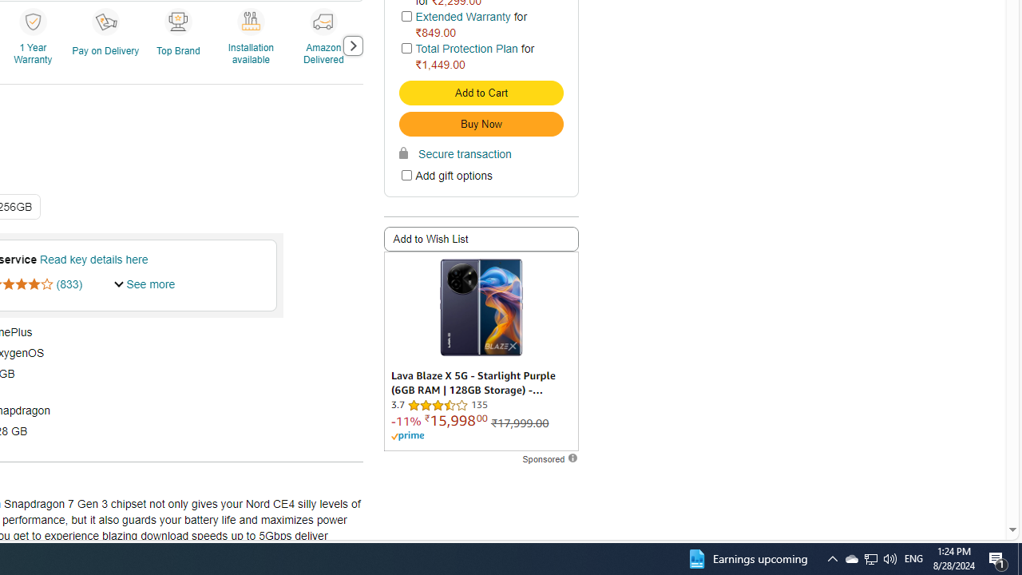  Describe the element at coordinates (480, 123) in the screenshot. I see `'Buy Now'` at that location.